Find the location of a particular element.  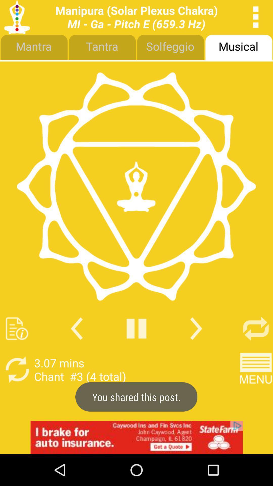

repeat option is located at coordinates (256, 329).